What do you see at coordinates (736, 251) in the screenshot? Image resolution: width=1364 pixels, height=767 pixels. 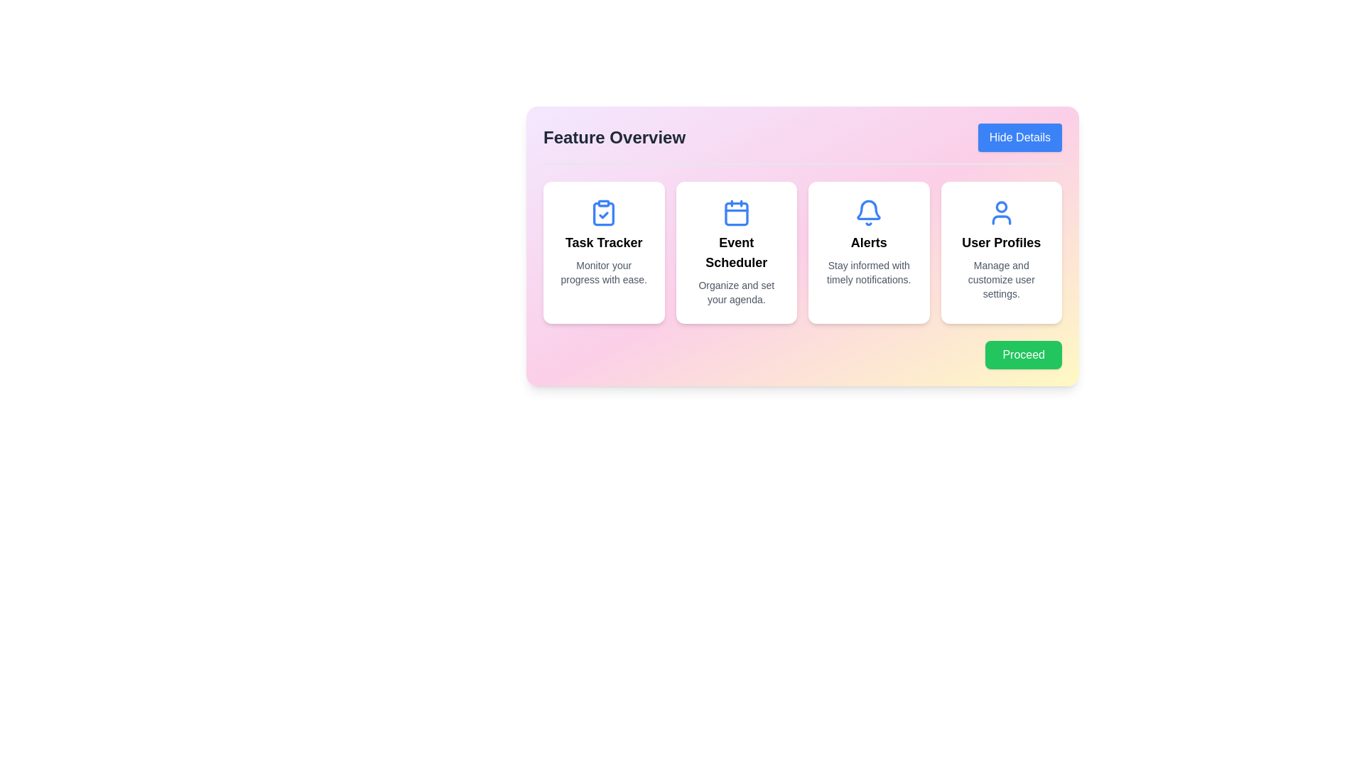 I see `the text element displaying 'Event Scheduler' which is prominently styled in bold and larger font, positioned centrally below an icon and above descriptive text` at bounding box center [736, 251].